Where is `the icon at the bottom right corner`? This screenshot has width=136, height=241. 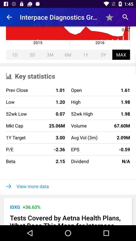 the icon at the bottom right corner is located at coordinates (109, 161).